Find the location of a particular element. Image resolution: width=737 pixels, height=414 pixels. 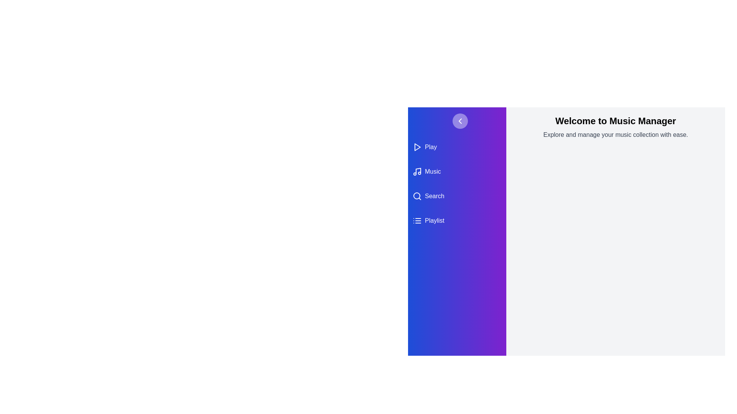

the 'Search' category in the navigation drawer is located at coordinates (457, 196).